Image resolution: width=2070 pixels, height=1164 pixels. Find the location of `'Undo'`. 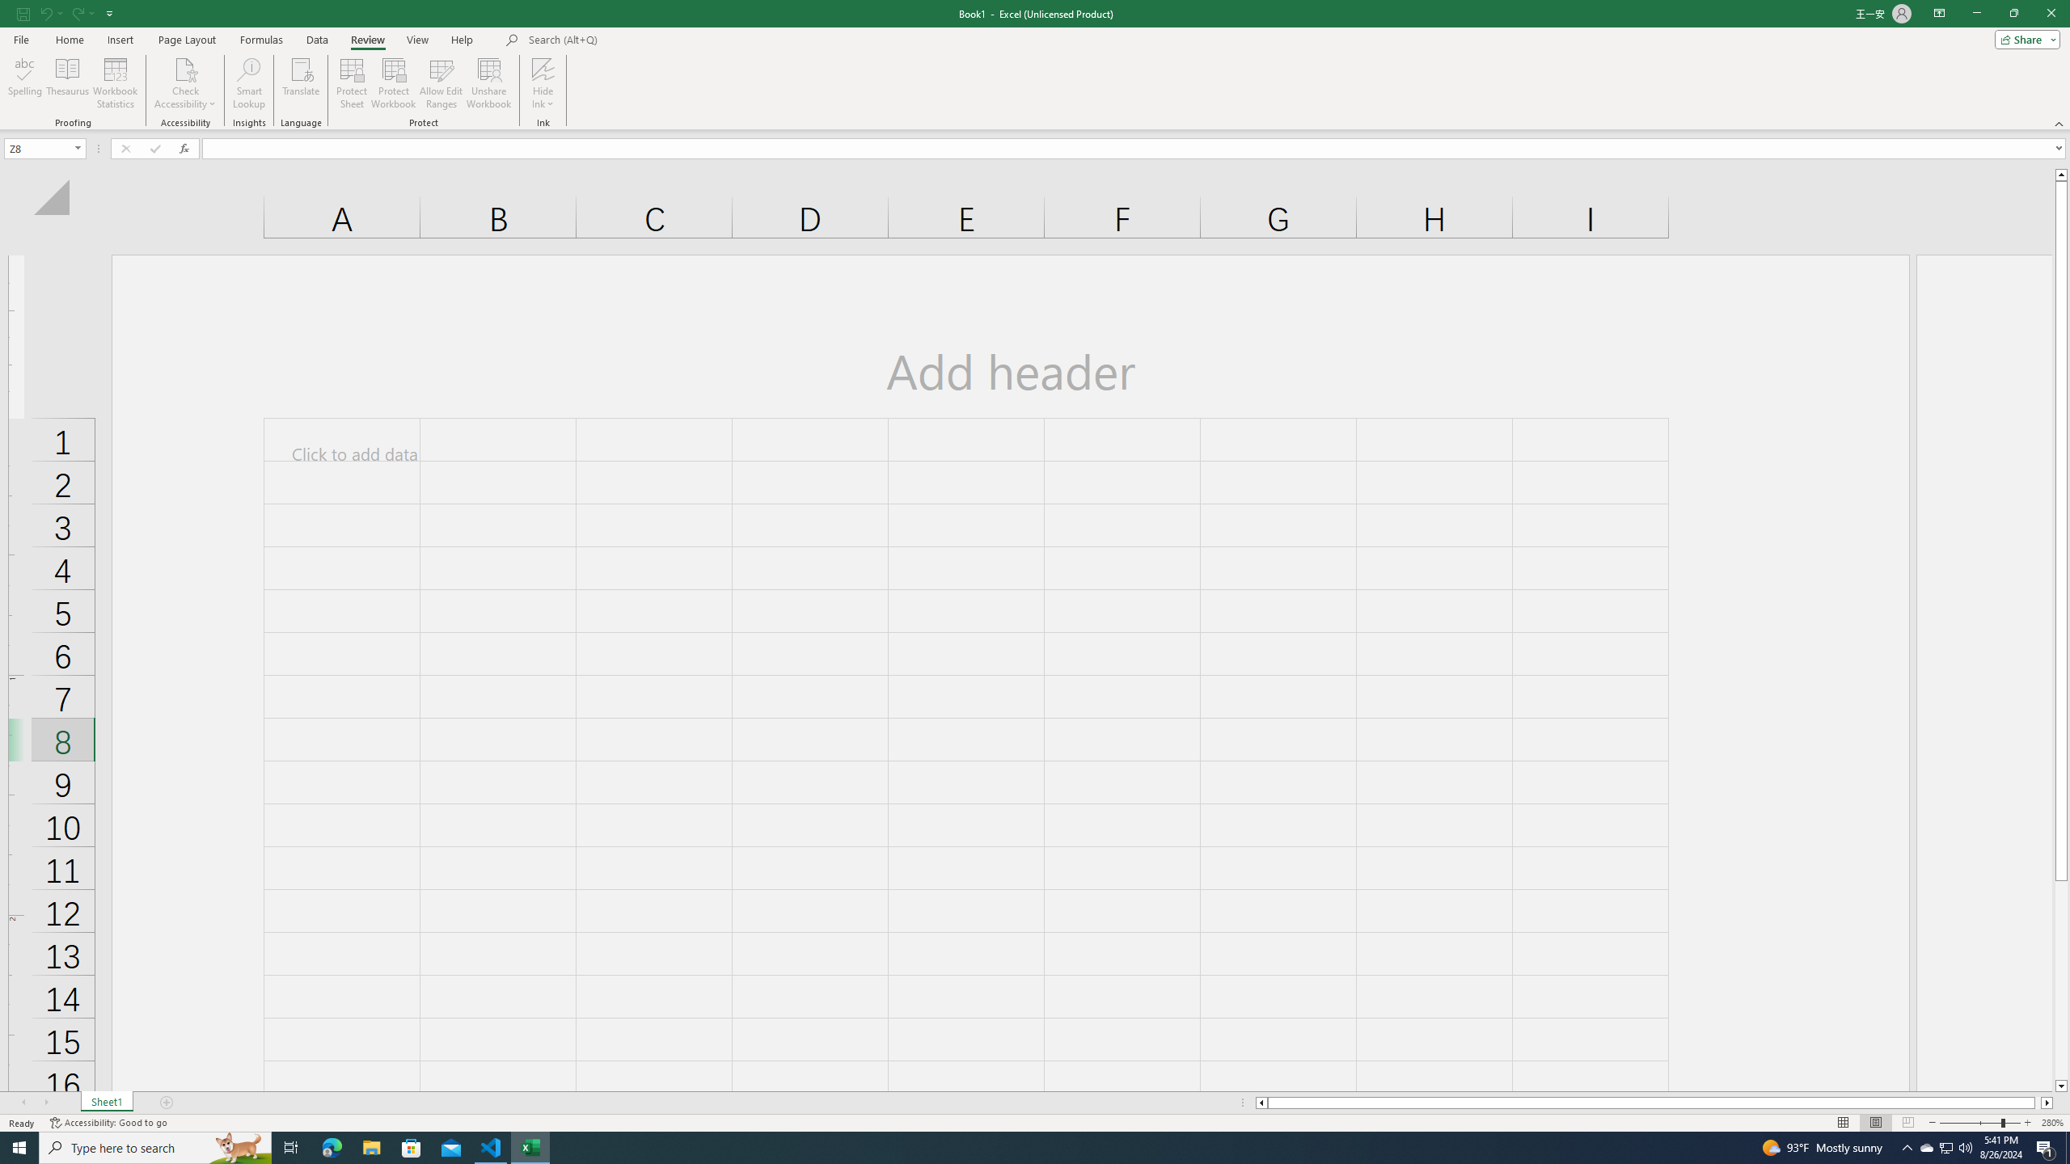

'Undo' is located at coordinates (45, 12).